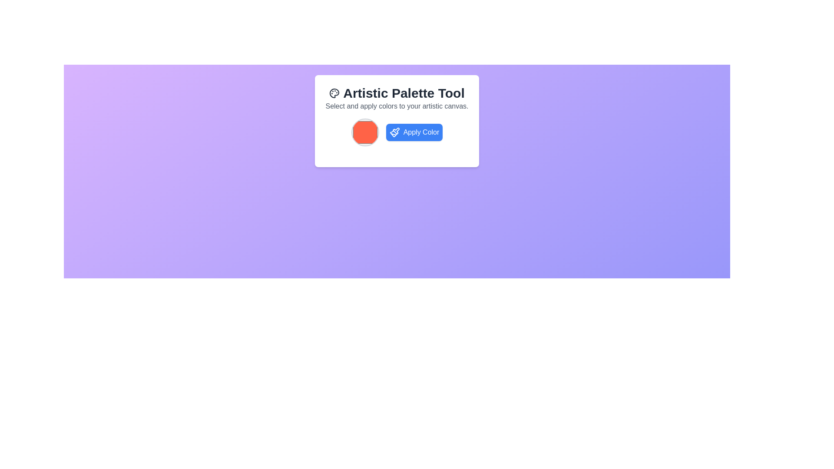 This screenshot has width=834, height=469. Describe the element at coordinates (394, 132) in the screenshot. I see `the paintbrush icon located inside the blue 'Apply Color' button, which is positioned to the right of the orange color selector in the white card layout` at that location.